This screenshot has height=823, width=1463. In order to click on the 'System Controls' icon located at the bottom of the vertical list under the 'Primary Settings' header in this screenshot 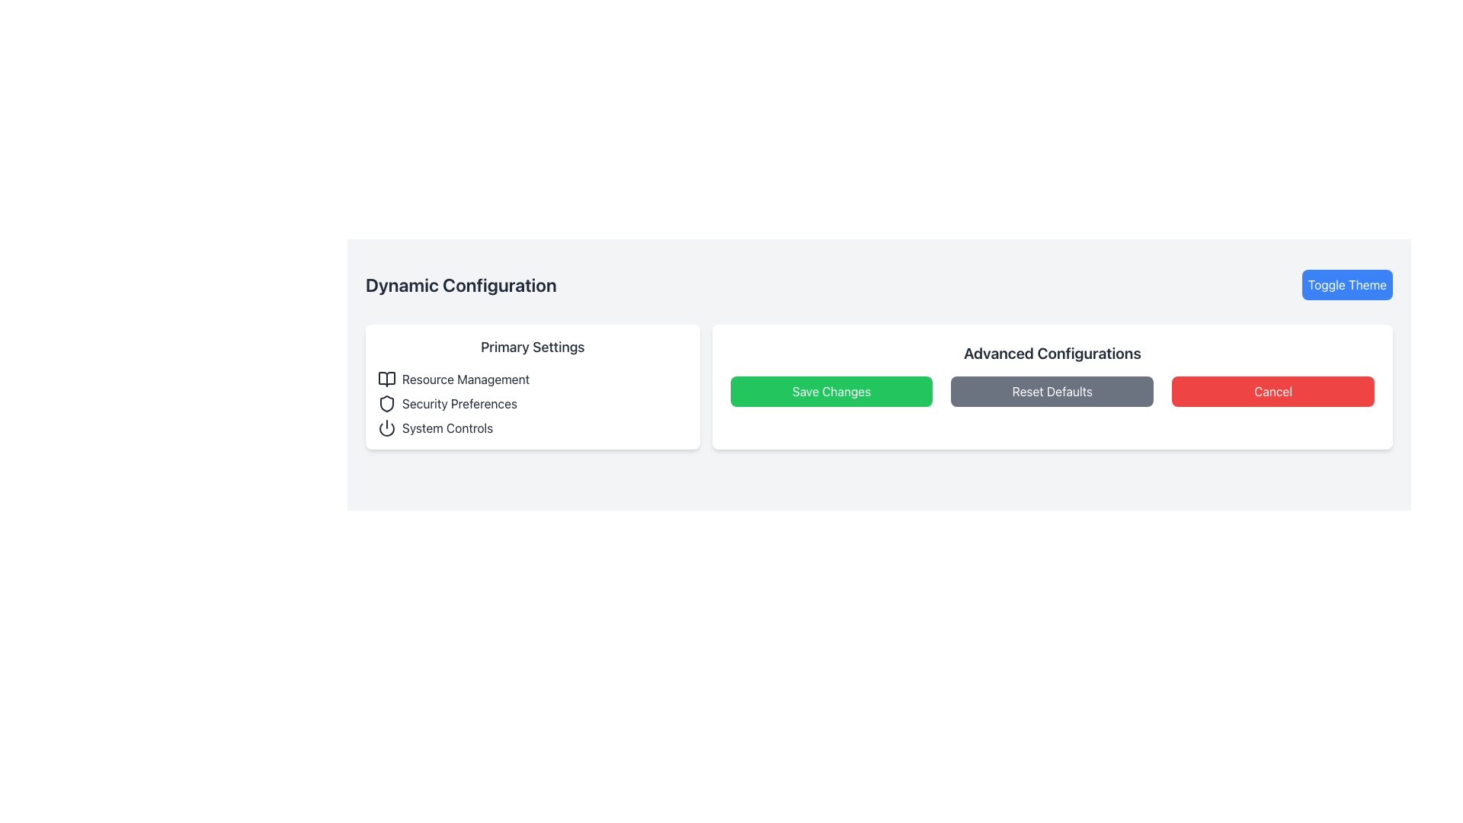, I will do `click(387, 428)`.